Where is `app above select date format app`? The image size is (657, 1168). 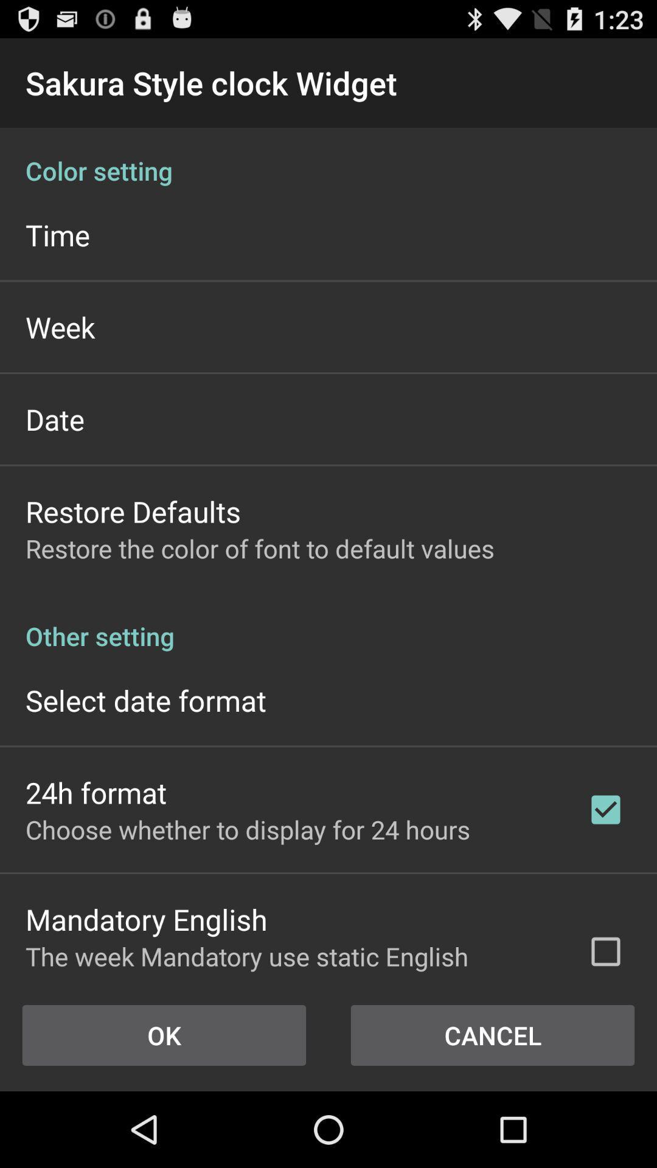 app above select date format app is located at coordinates (328, 623).